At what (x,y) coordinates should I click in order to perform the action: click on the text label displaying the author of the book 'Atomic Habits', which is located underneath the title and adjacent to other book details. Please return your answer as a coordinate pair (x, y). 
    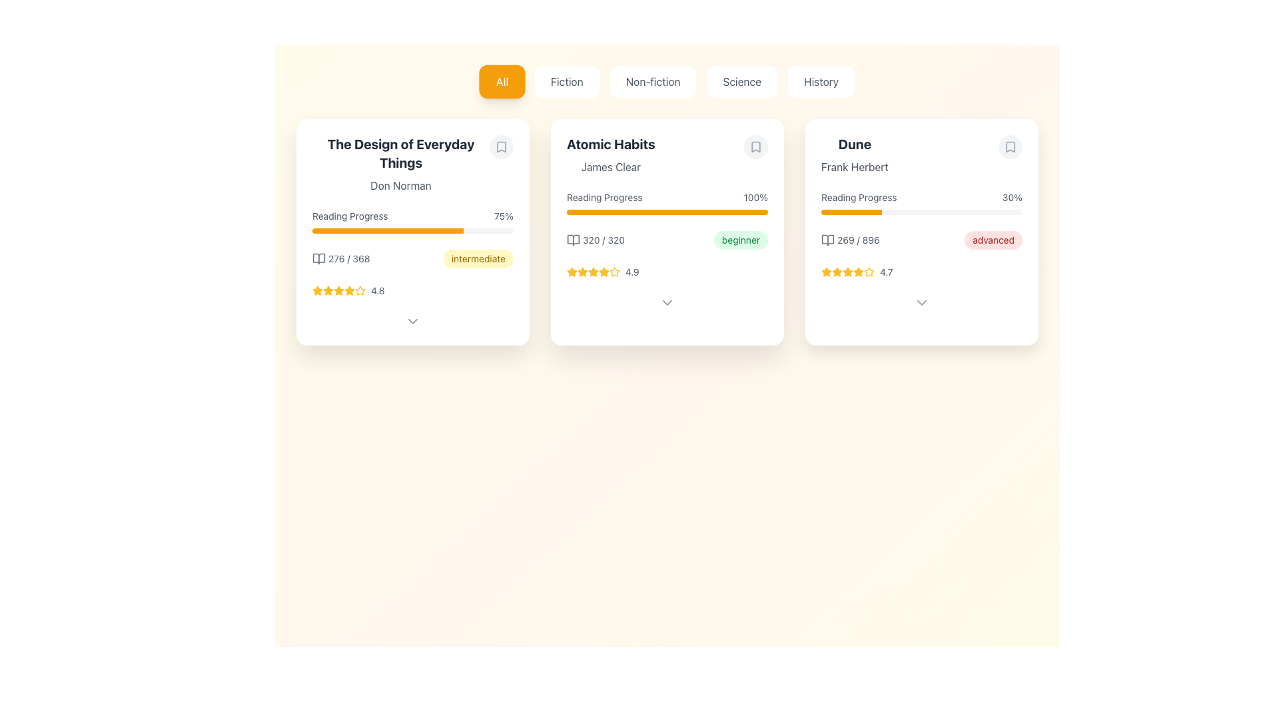
    Looking at the image, I should click on (610, 166).